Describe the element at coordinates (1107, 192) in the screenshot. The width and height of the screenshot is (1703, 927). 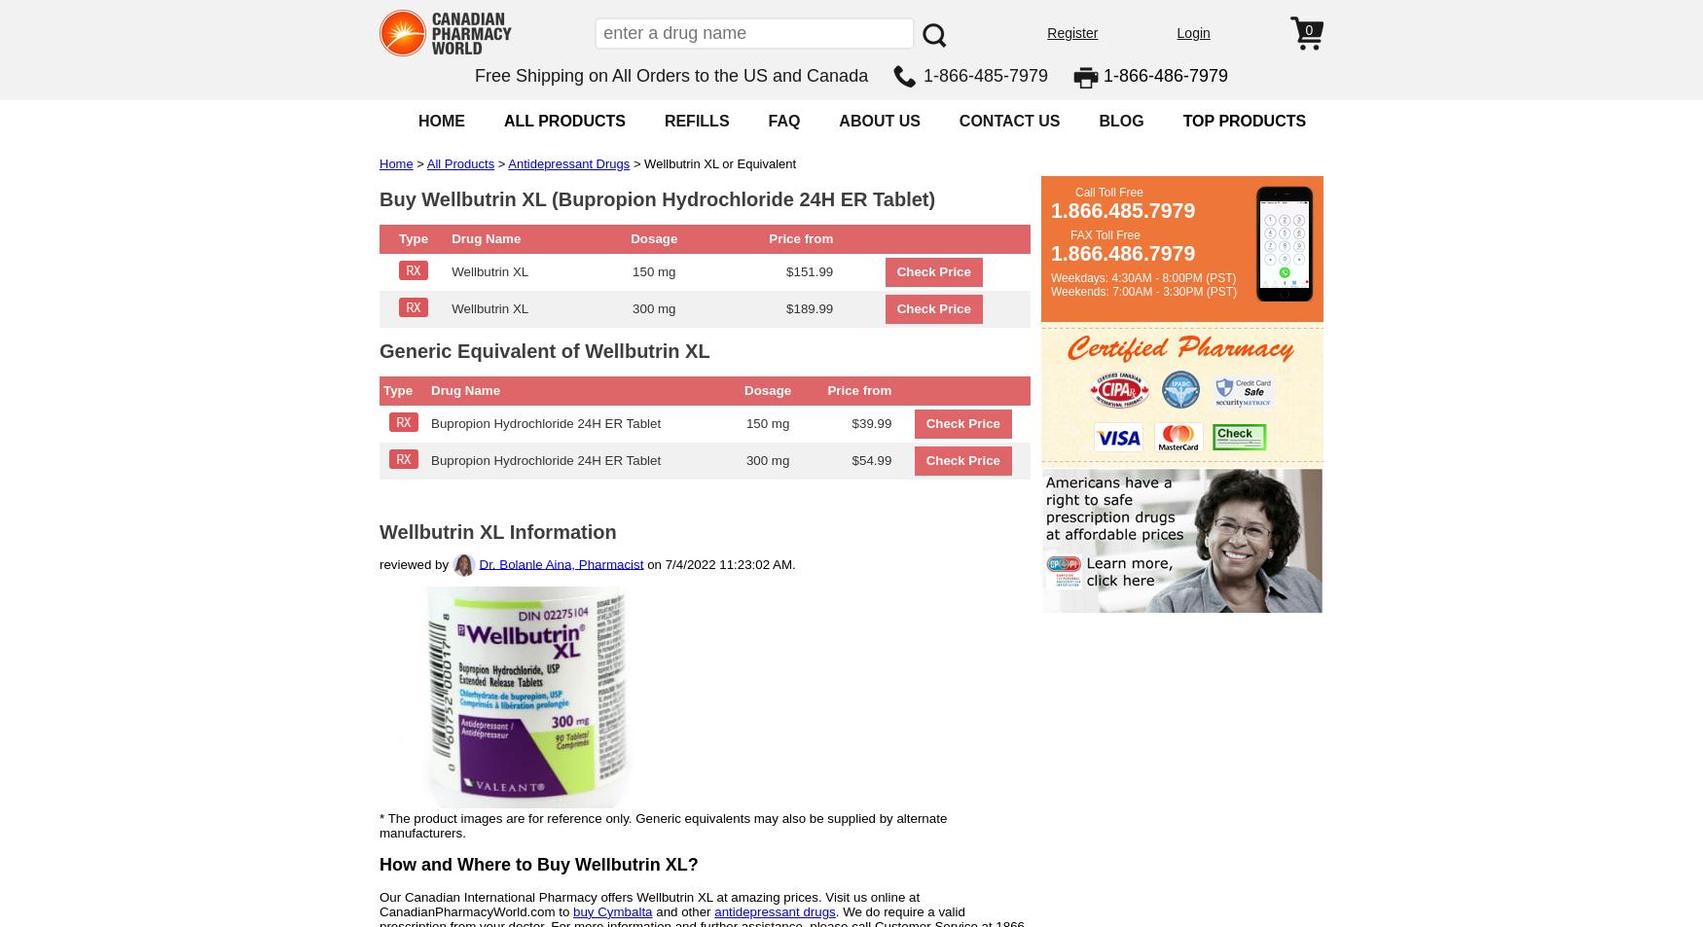
I see `'Call Toll Free'` at that location.